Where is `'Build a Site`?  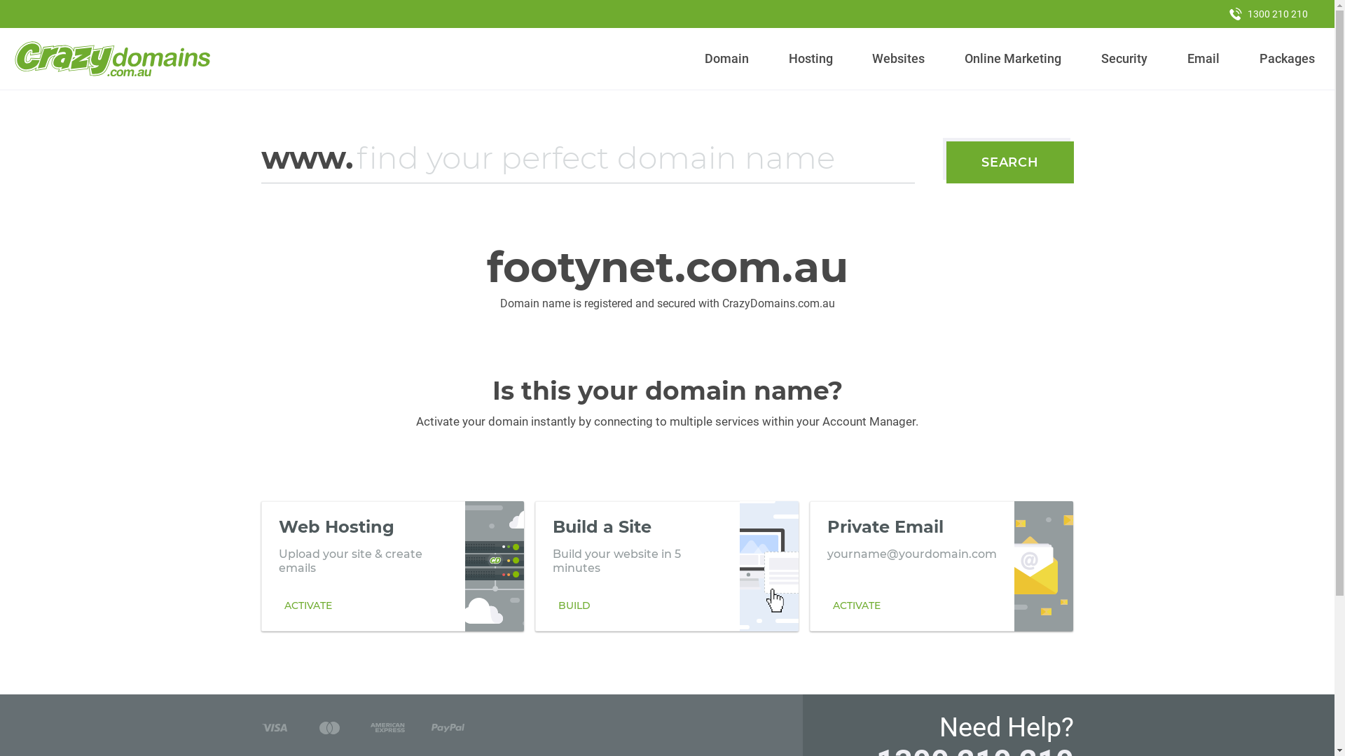
'Build a Site is located at coordinates (665, 566).